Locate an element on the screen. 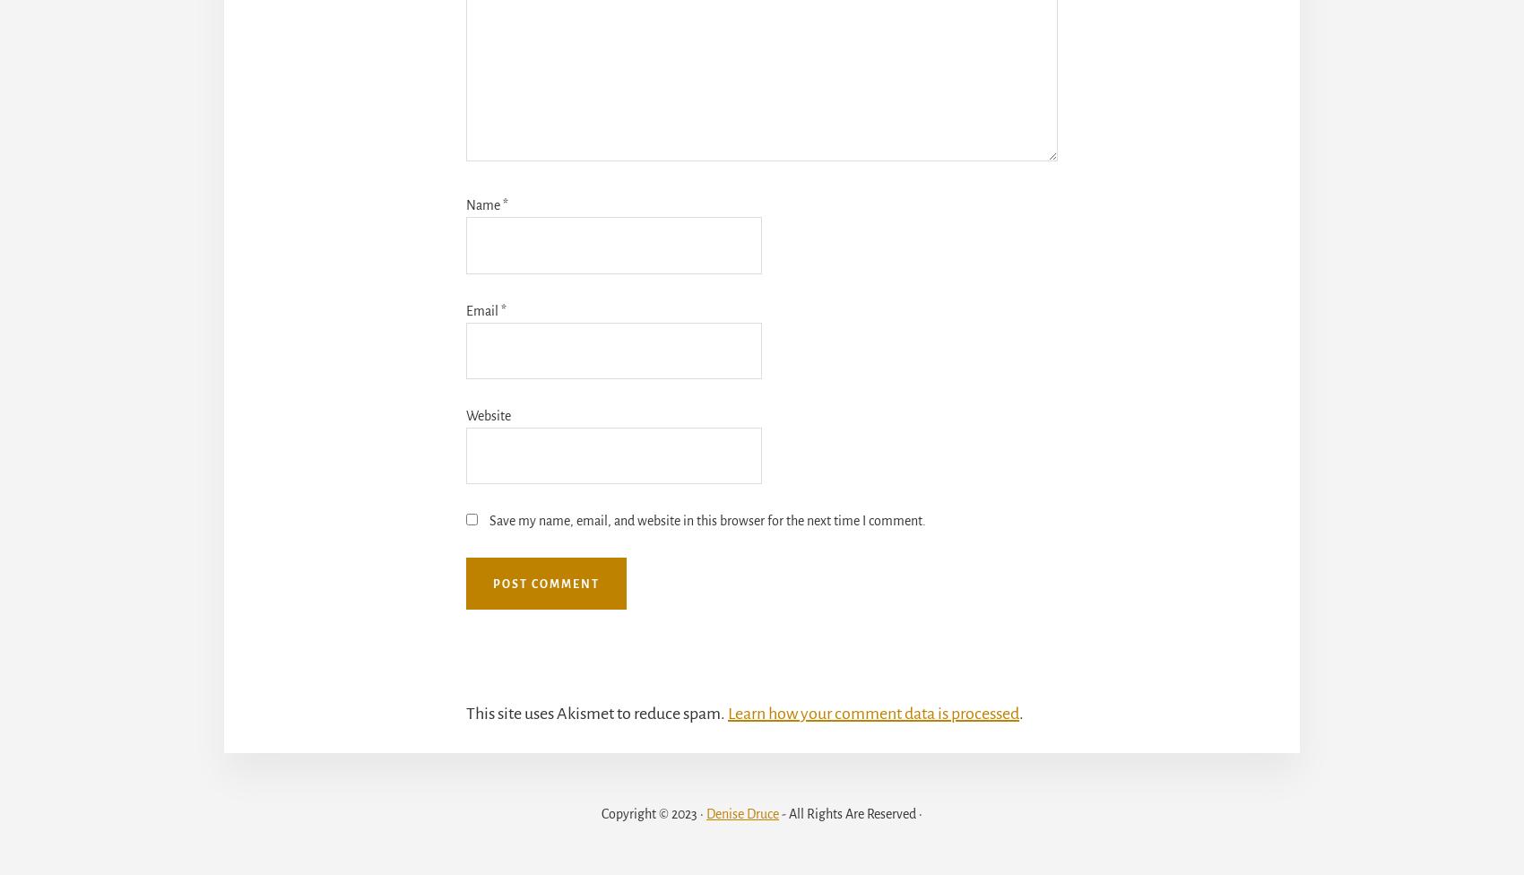 This screenshot has height=875, width=1524. 'Denise Druce' is located at coordinates (741, 812).